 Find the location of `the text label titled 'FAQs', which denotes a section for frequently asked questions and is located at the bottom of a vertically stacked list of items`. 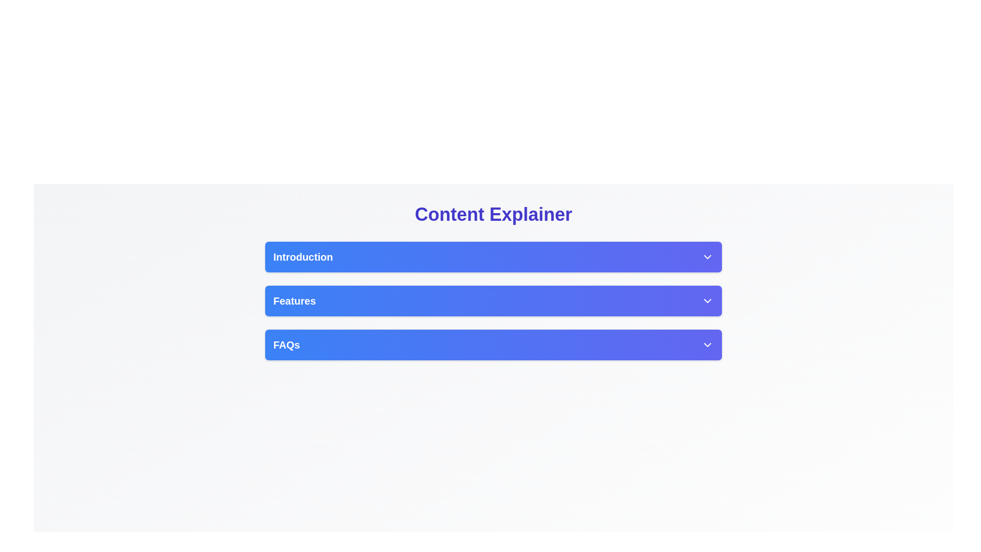

the text label titled 'FAQs', which denotes a section for frequently asked questions and is located at the bottom of a vertically stacked list of items is located at coordinates (286, 345).